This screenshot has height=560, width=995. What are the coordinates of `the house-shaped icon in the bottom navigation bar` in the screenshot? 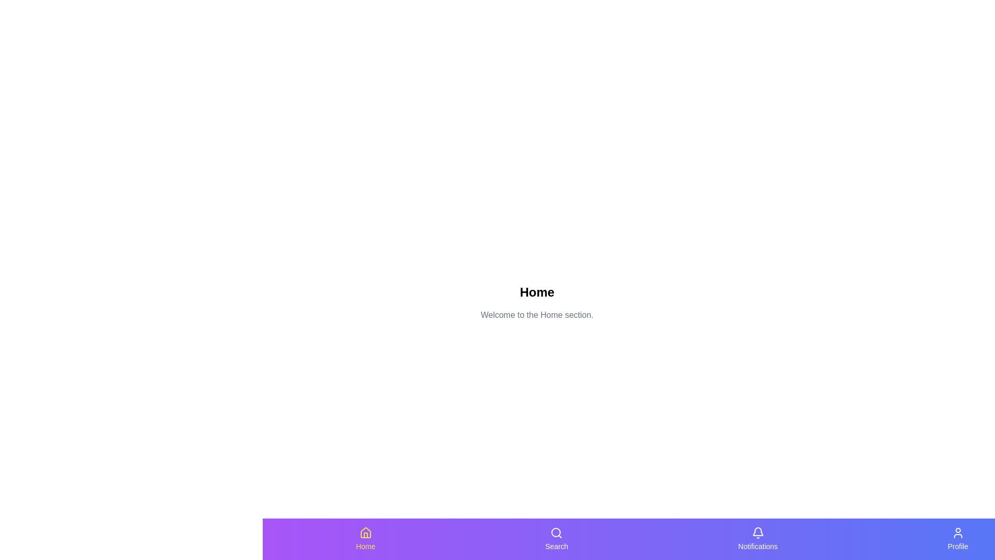 It's located at (365, 533).